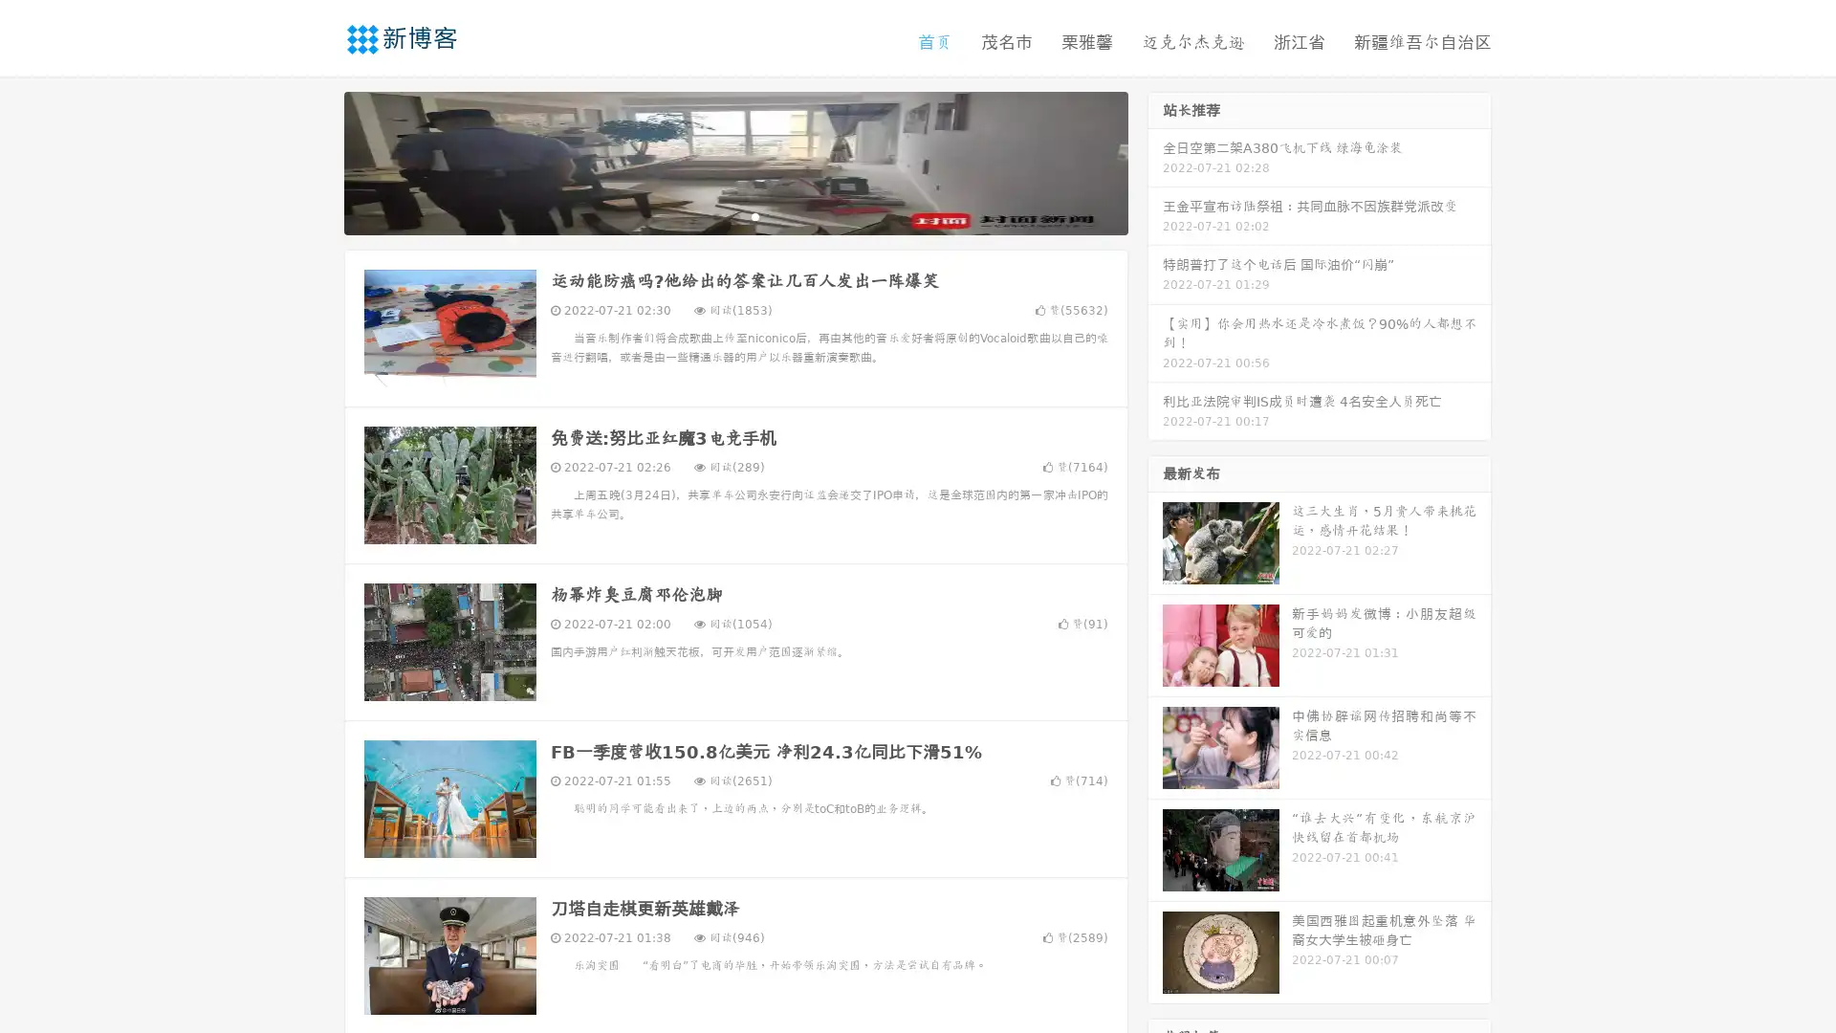 This screenshot has width=1836, height=1033. Describe the element at coordinates (715, 215) in the screenshot. I see `Go to slide 1` at that location.